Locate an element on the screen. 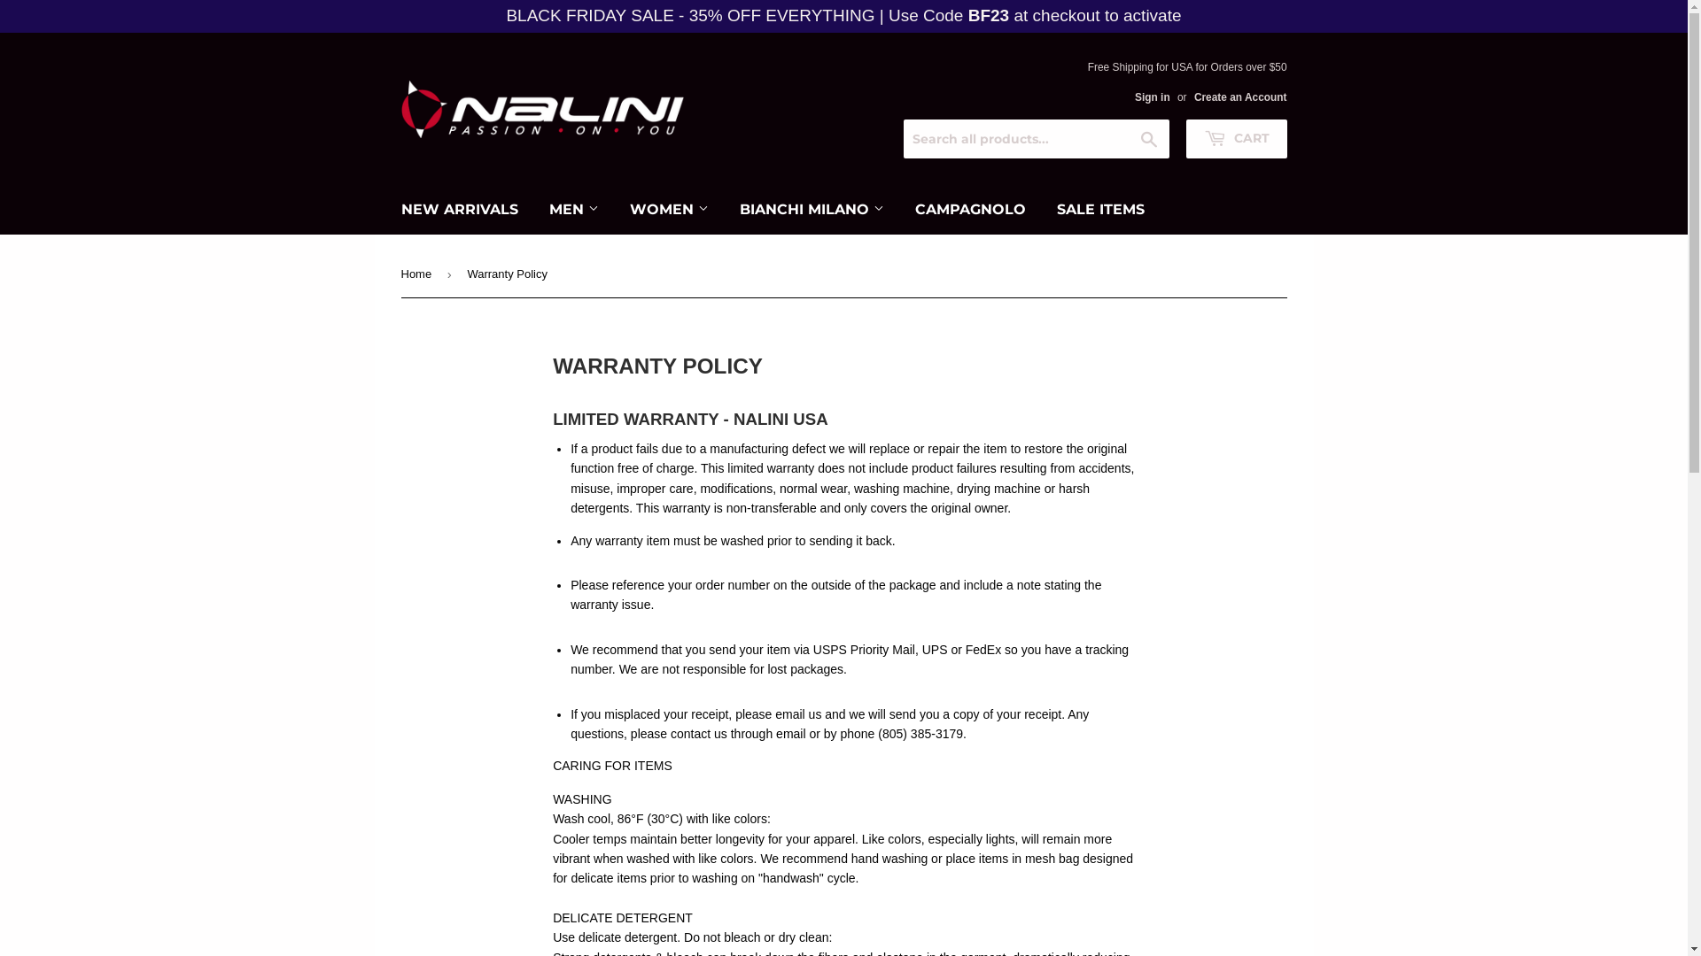 Image resolution: width=1701 pixels, height=956 pixels. 'WOMEN' is located at coordinates (668, 208).